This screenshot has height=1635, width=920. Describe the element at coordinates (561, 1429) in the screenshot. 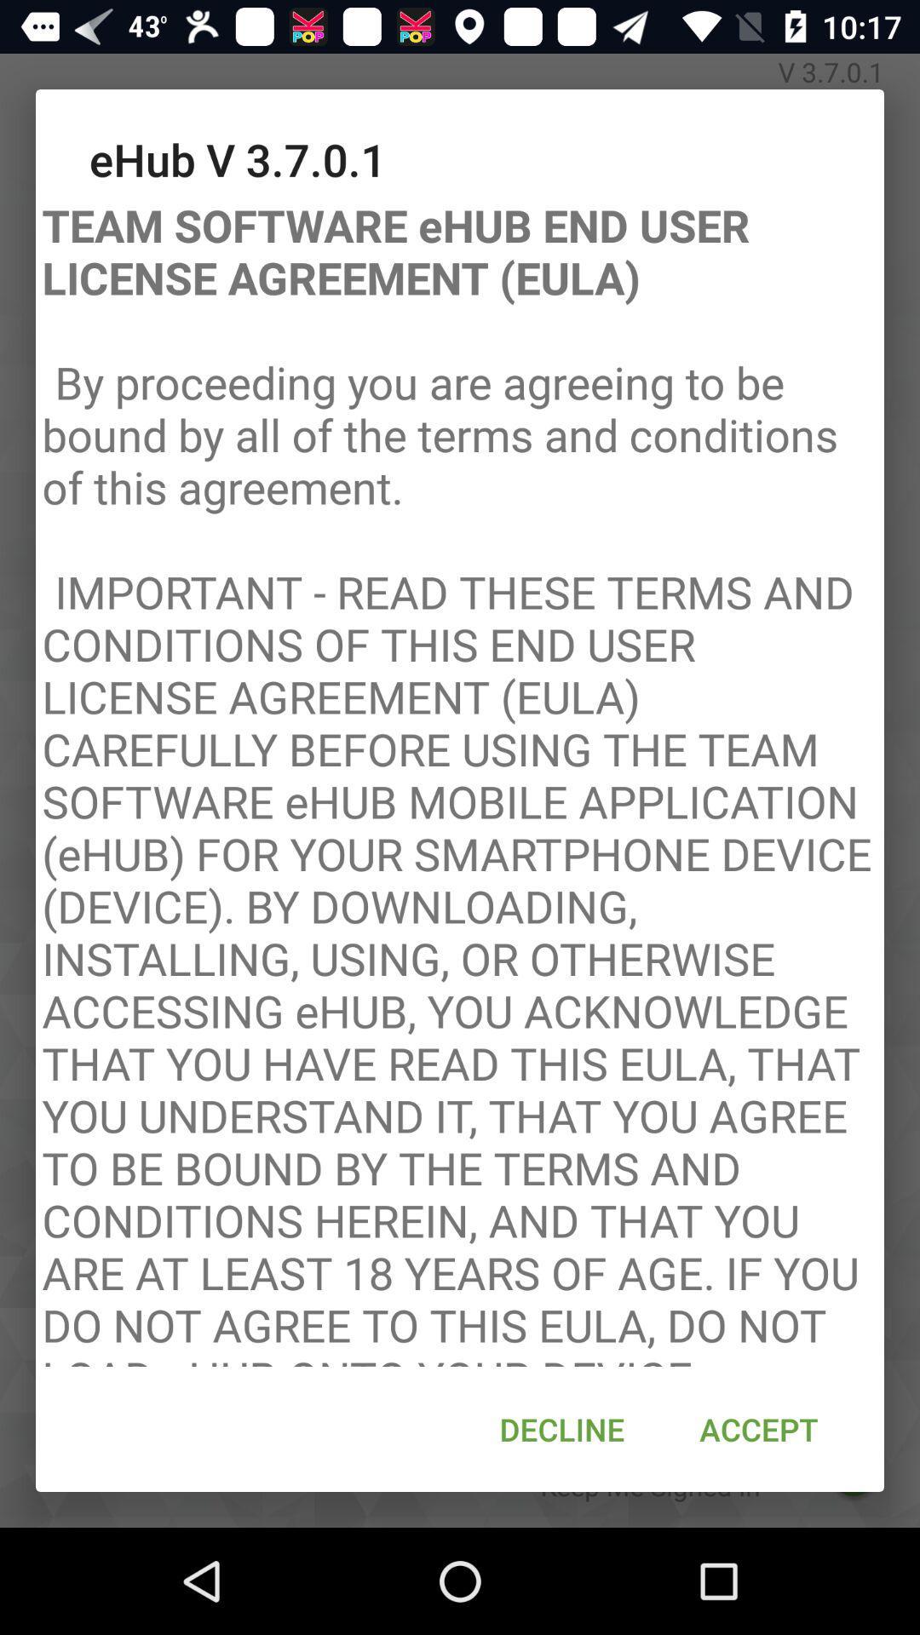

I see `the item to the left of accept icon` at that location.